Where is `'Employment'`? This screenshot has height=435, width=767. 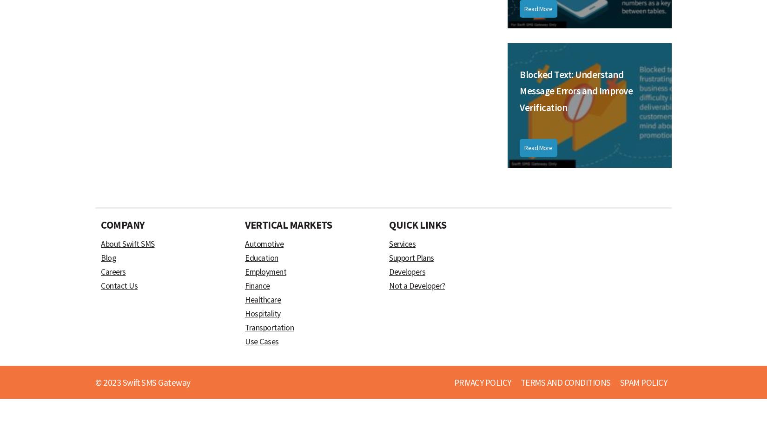
'Employment' is located at coordinates (245, 271).